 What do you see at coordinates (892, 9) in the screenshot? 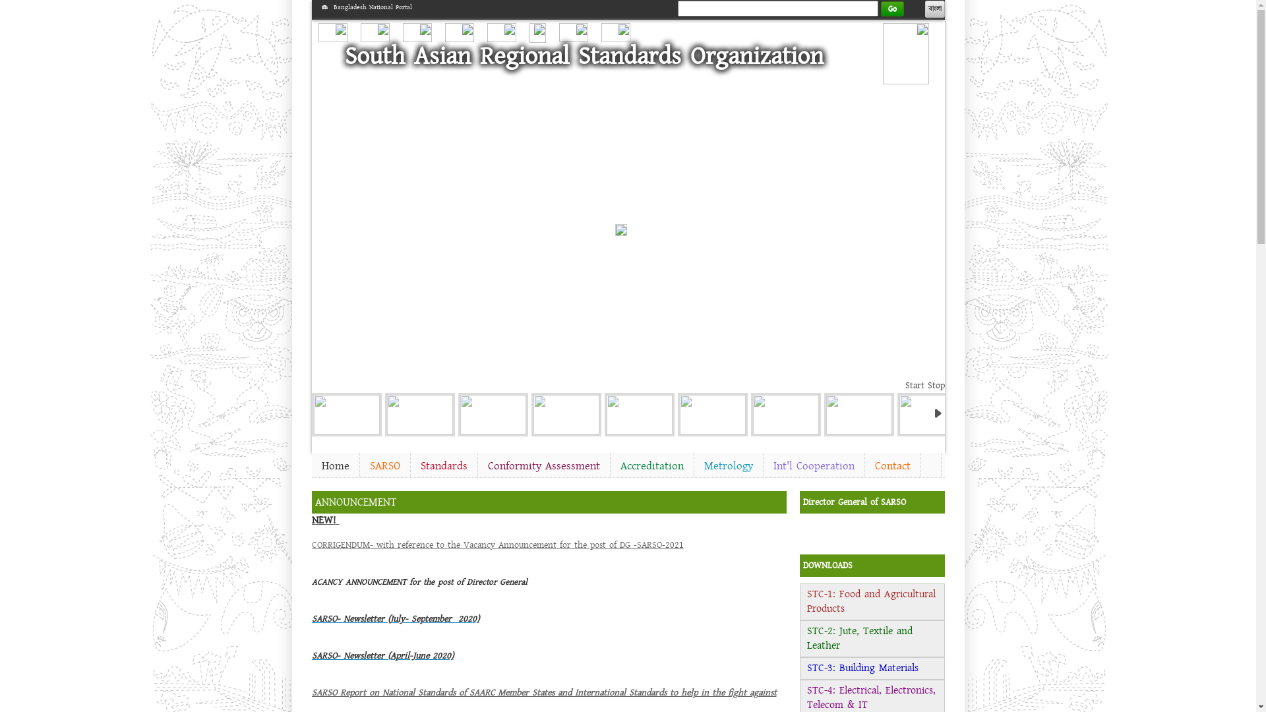
I see `'Go'` at bounding box center [892, 9].